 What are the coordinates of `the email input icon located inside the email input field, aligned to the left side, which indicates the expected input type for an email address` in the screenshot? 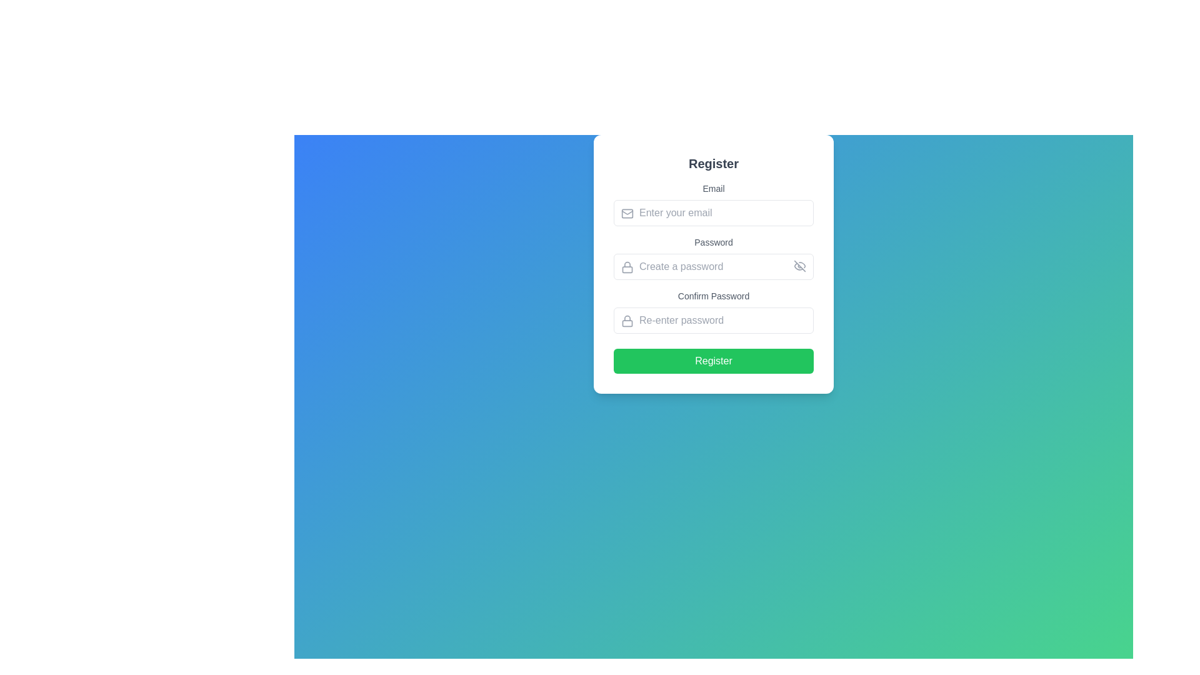 It's located at (627, 213).